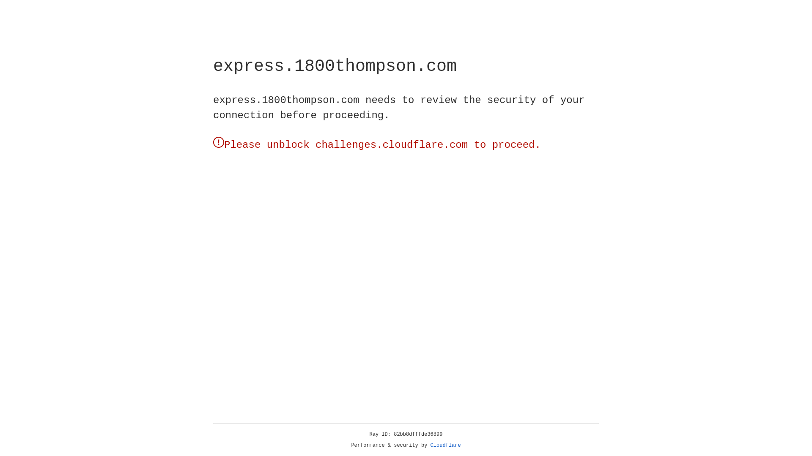  I want to click on 'Cloudflare', so click(445, 445).